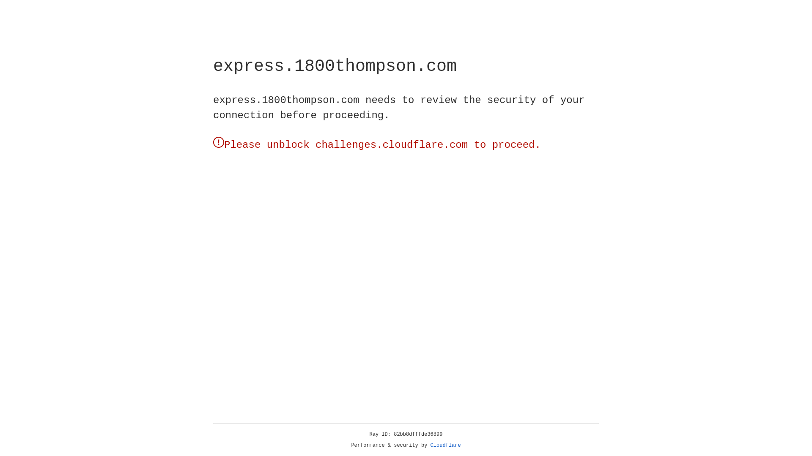  I want to click on 'Cloudflare', so click(445, 445).